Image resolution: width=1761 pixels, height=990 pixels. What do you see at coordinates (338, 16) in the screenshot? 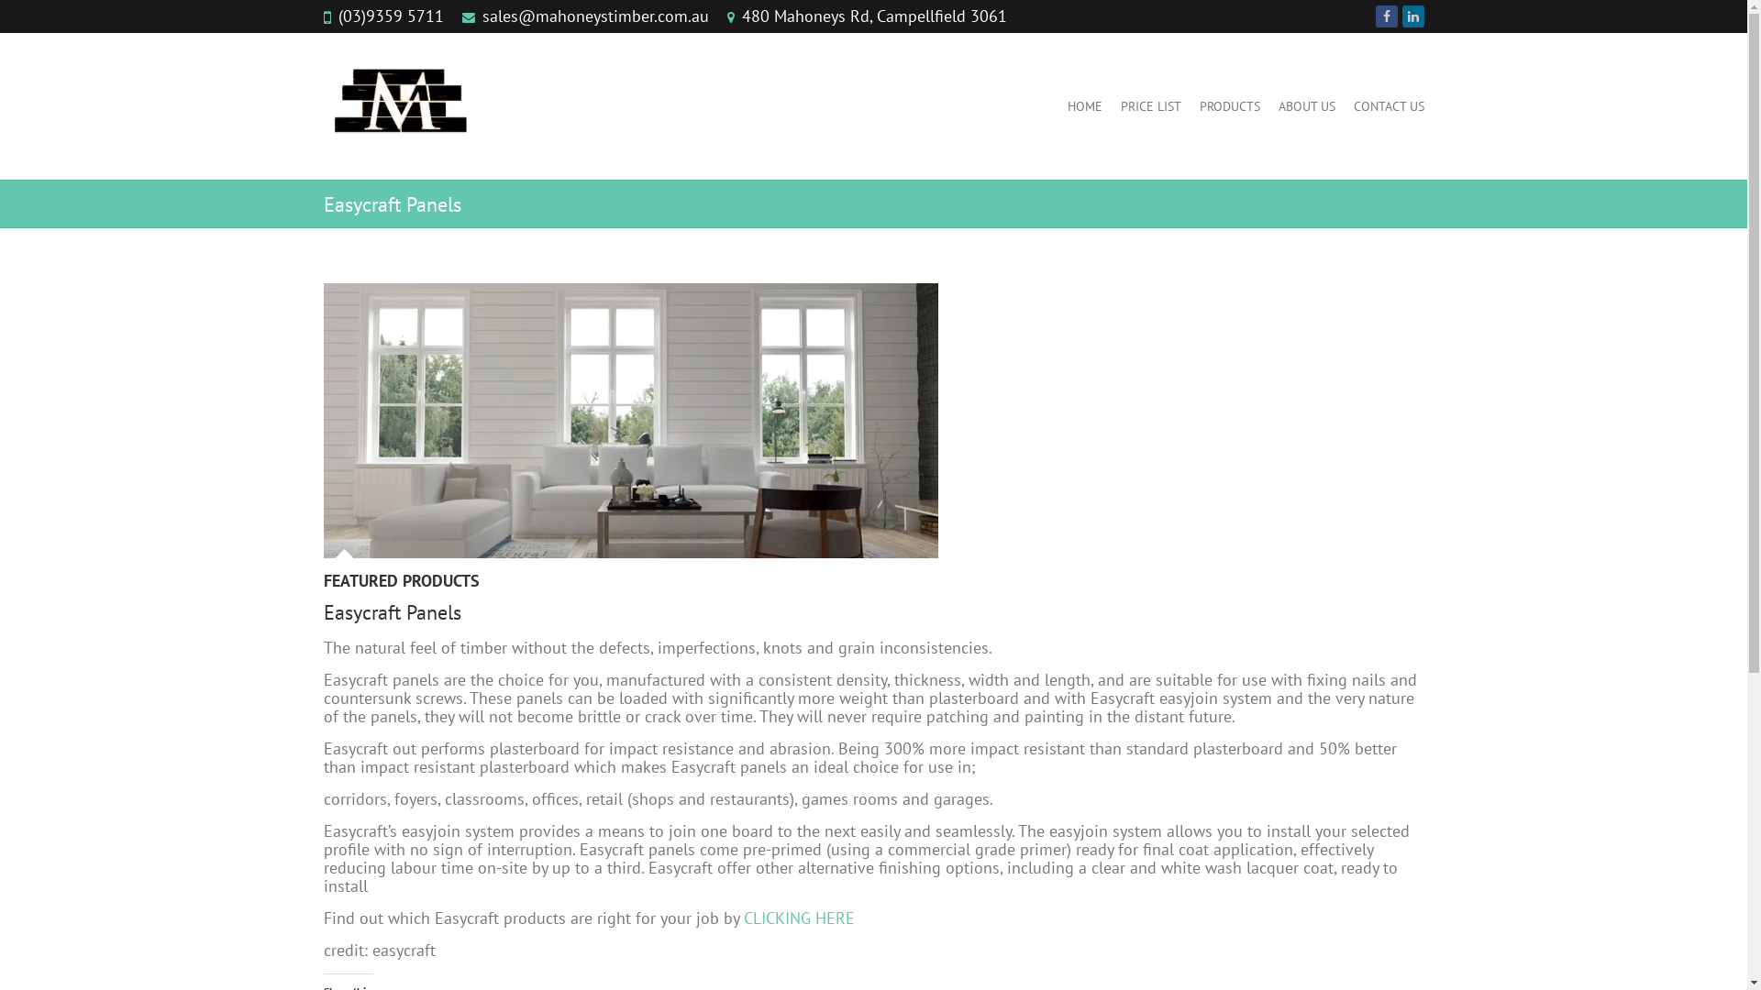
I see `'(03)9359 5711'` at bounding box center [338, 16].